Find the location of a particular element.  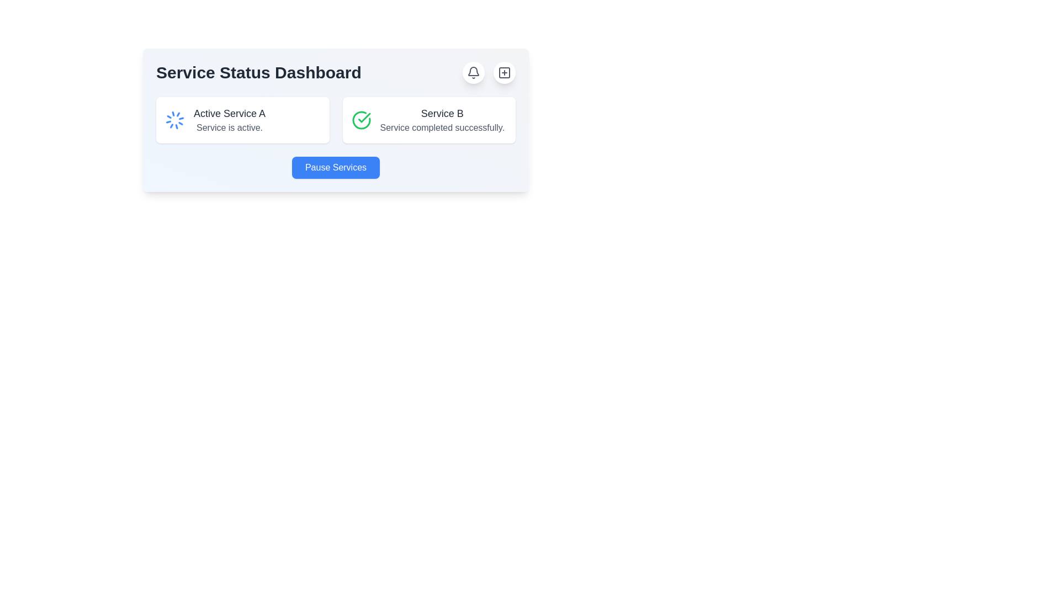

the green circular icon with a checkmark indicating successful completion, located to the left of the text 'Service completed successfully.' is located at coordinates (361, 120).